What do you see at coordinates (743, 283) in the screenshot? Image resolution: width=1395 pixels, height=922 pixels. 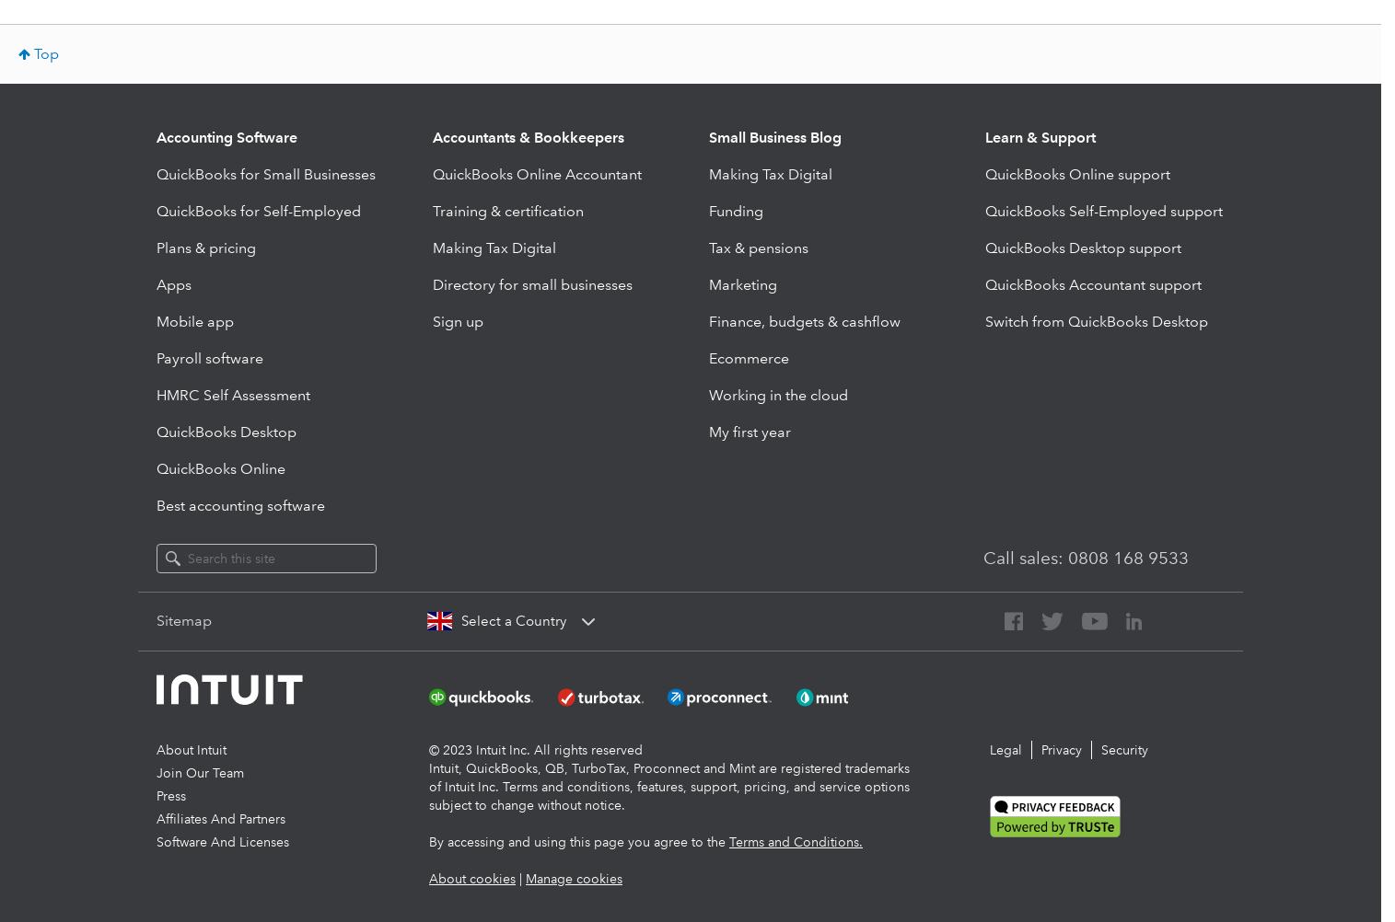 I see `'Marketing'` at bounding box center [743, 283].